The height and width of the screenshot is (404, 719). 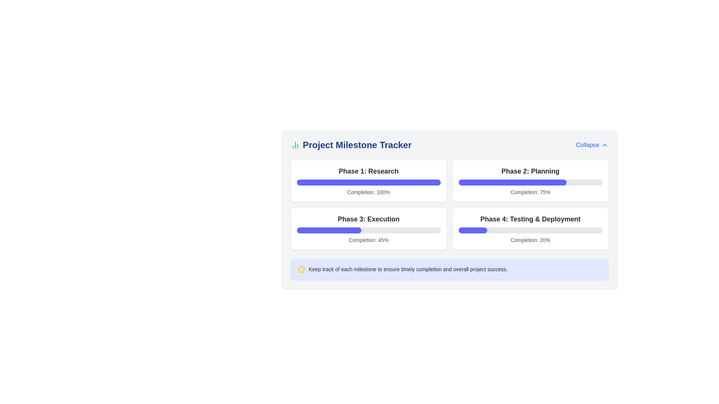 I want to click on the collapse button located at the top-right corner of the 'Project Milestone Tracker' section, so click(x=592, y=145).